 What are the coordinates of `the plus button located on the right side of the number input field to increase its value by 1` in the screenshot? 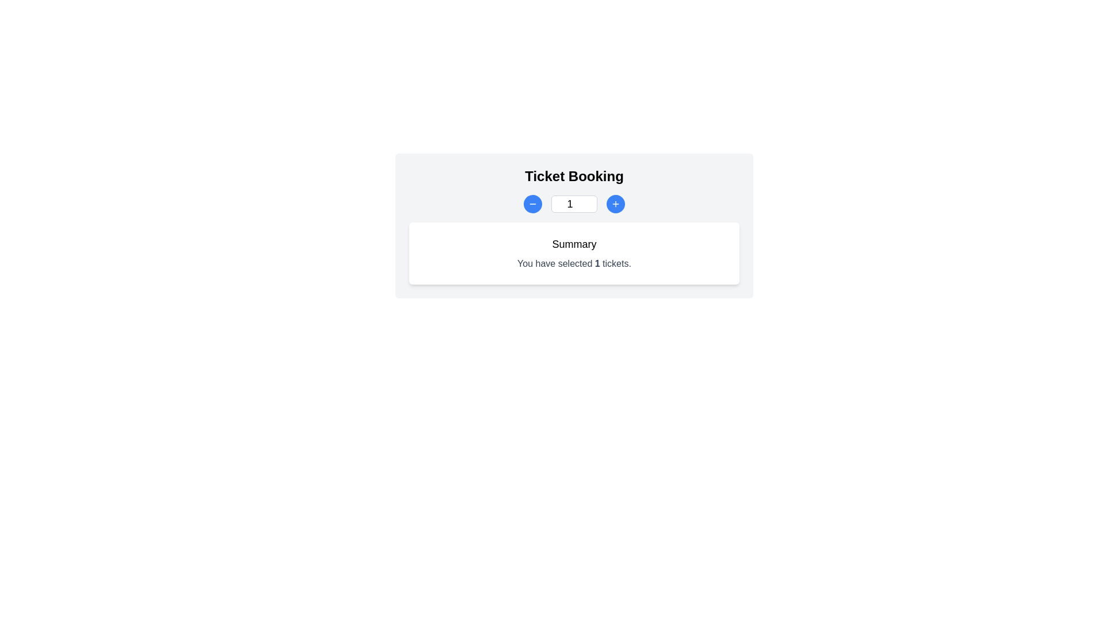 It's located at (615, 203).